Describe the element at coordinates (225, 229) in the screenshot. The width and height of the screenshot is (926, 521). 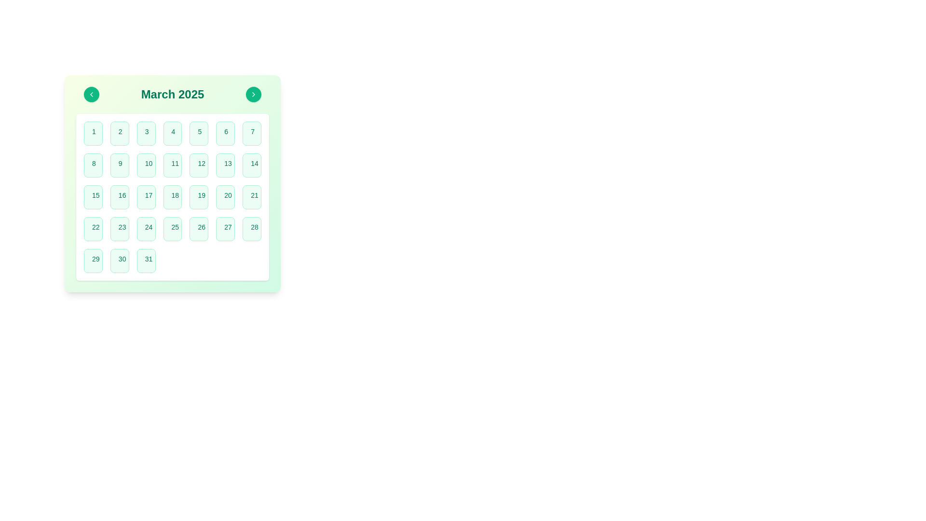
I see `the button displaying the date '27' in the calendar grid layout` at that location.